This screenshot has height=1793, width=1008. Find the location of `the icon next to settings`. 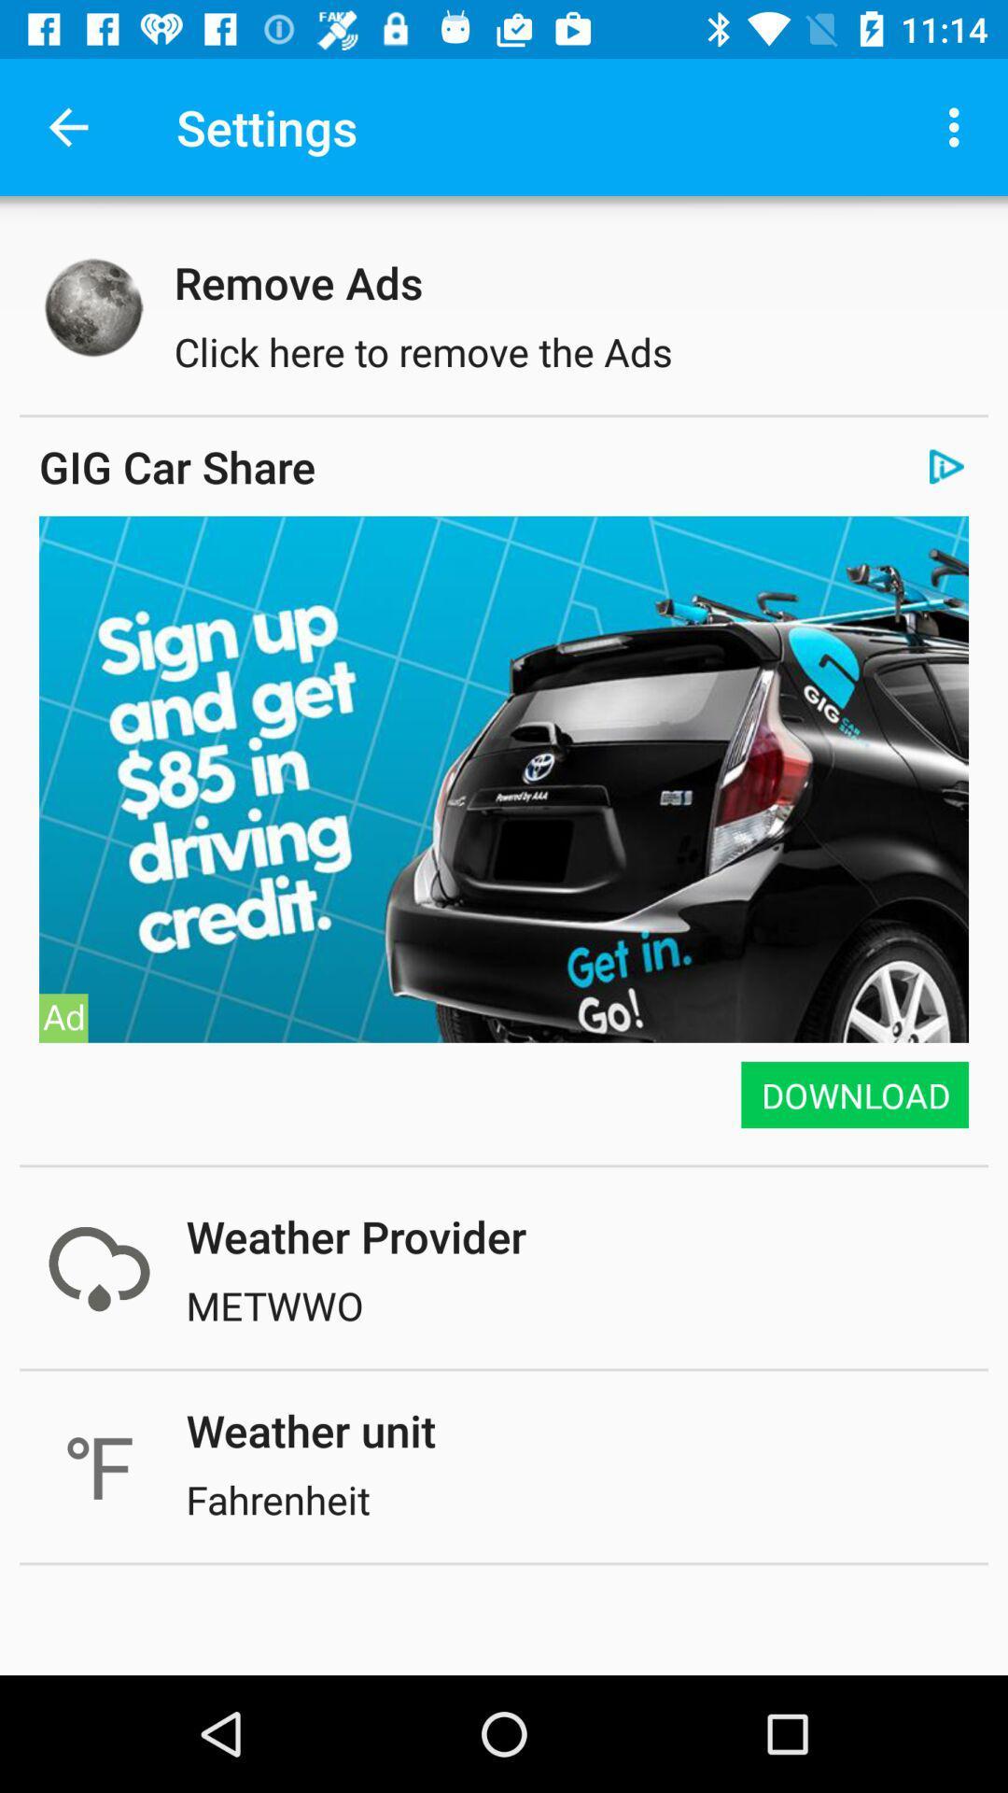

the icon next to settings is located at coordinates (67, 126).